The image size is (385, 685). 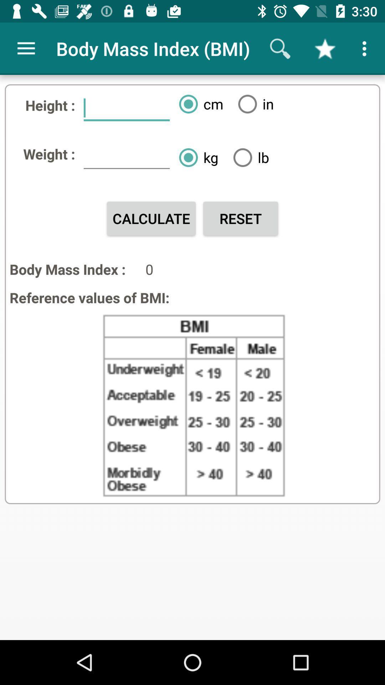 What do you see at coordinates (198, 103) in the screenshot?
I see `icon to the left of in` at bounding box center [198, 103].